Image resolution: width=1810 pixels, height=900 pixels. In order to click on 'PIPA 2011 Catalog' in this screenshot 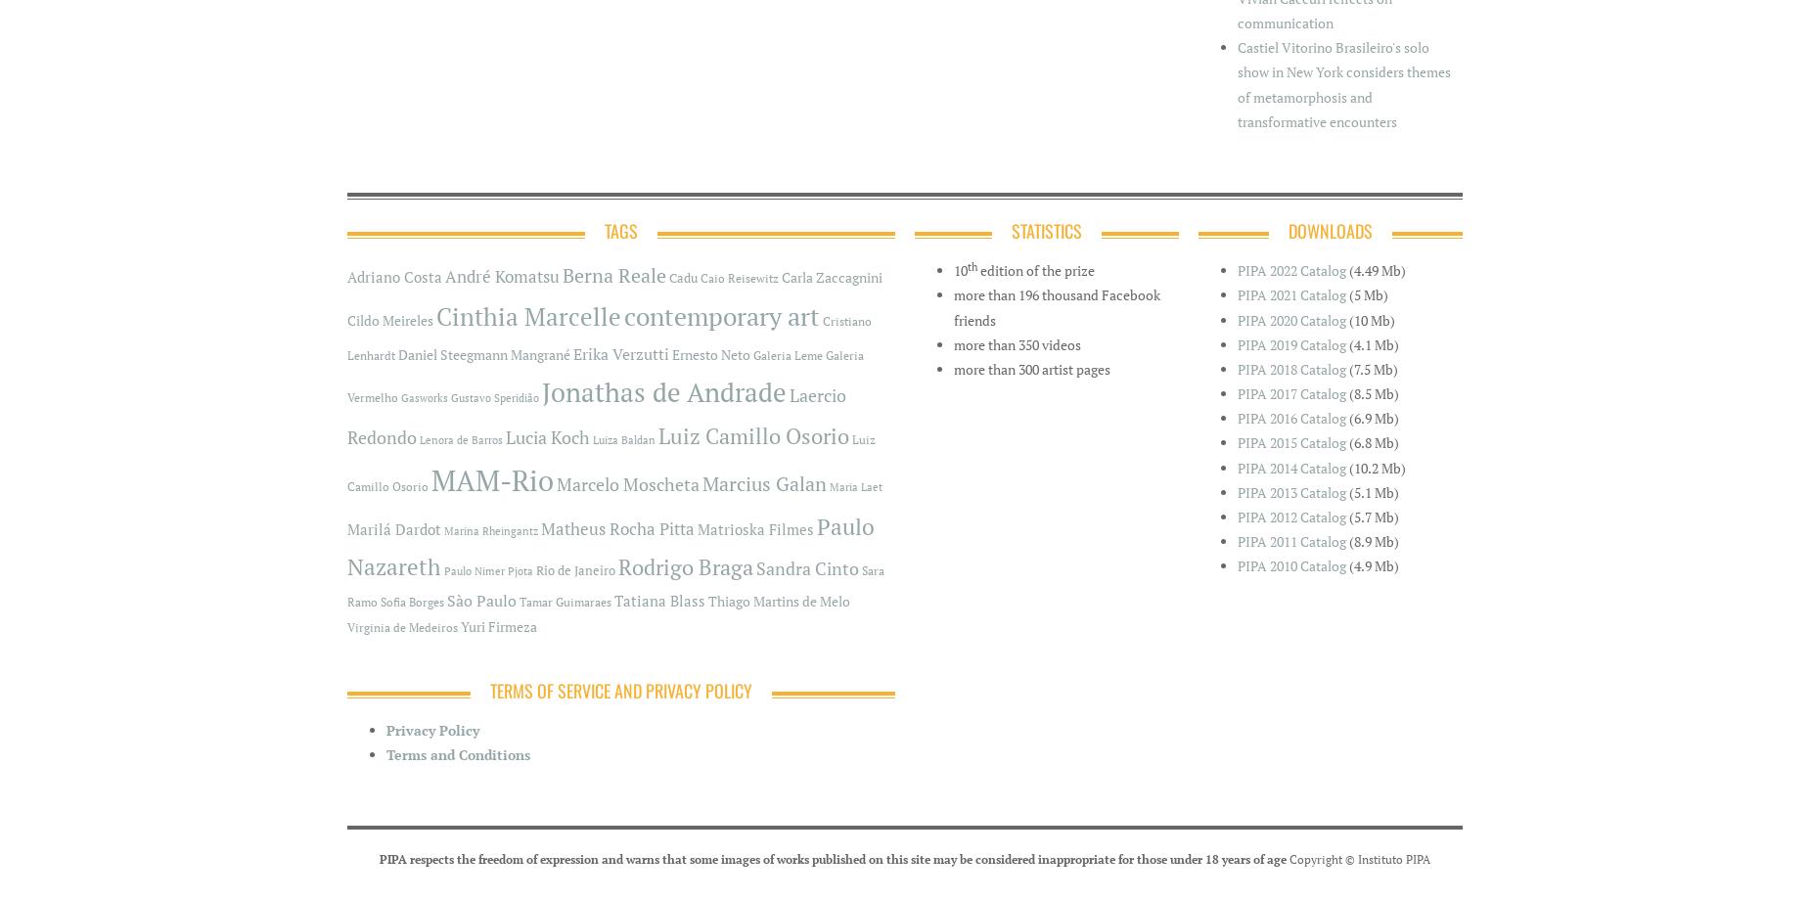, I will do `click(1290, 541)`.